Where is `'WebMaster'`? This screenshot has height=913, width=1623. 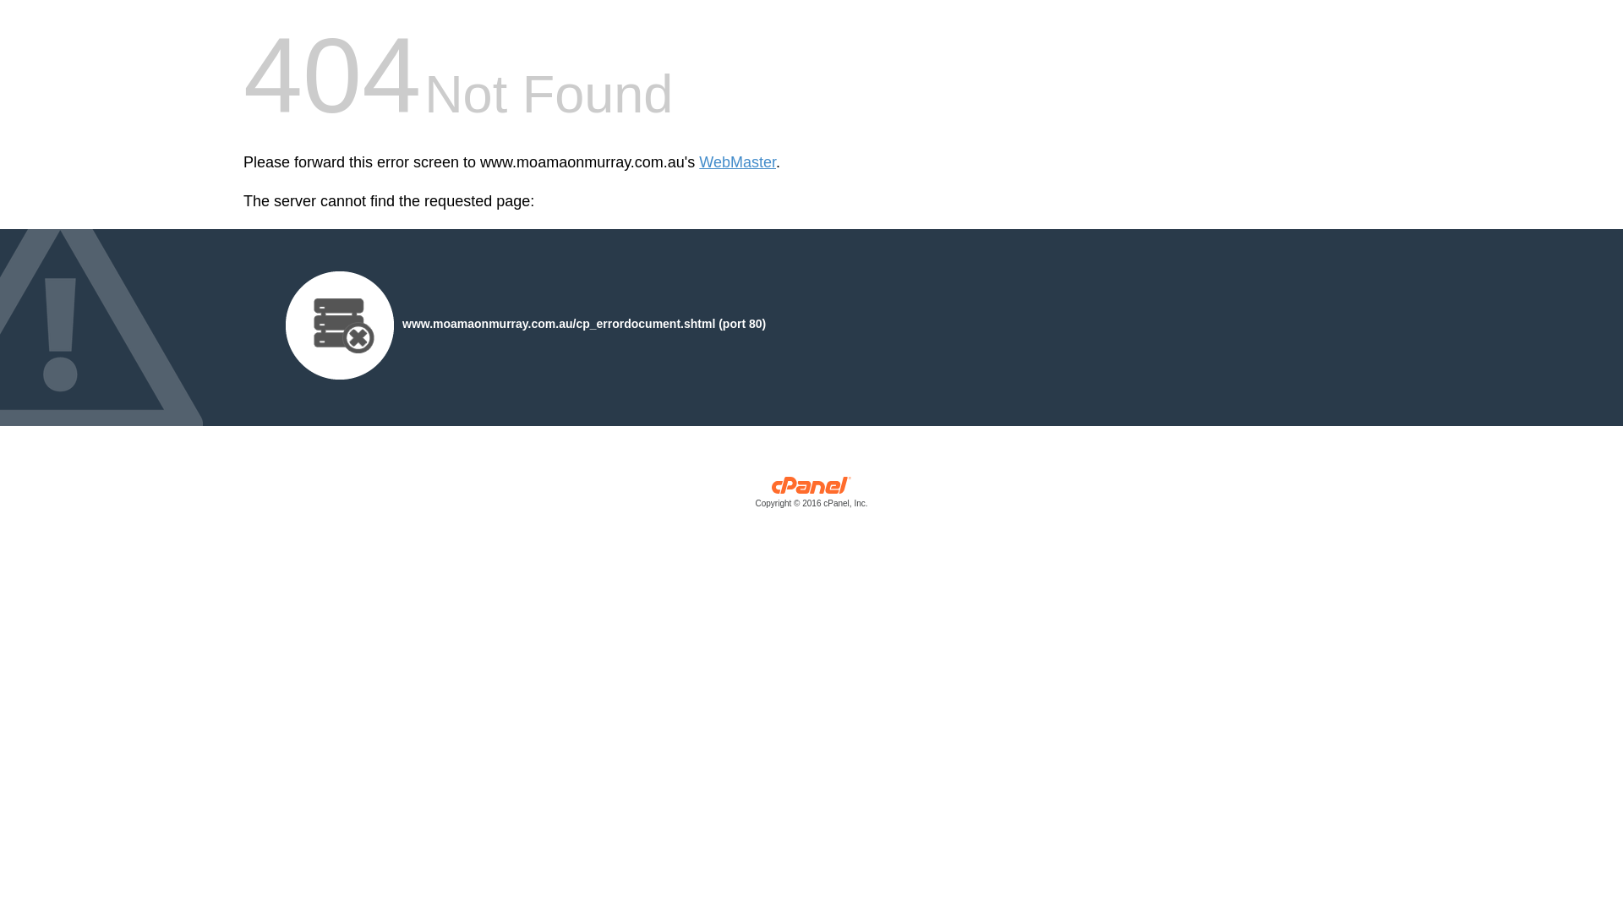 'WebMaster' is located at coordinates (737, 162).